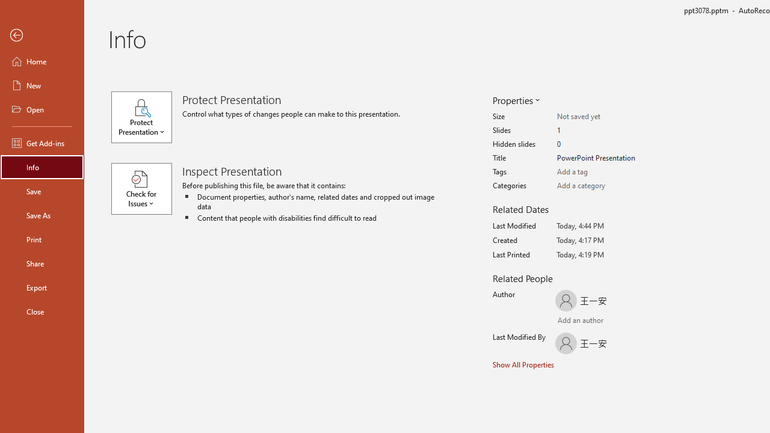 The image size is (770, 433). I want to click on 'Print', so click(42, 239).